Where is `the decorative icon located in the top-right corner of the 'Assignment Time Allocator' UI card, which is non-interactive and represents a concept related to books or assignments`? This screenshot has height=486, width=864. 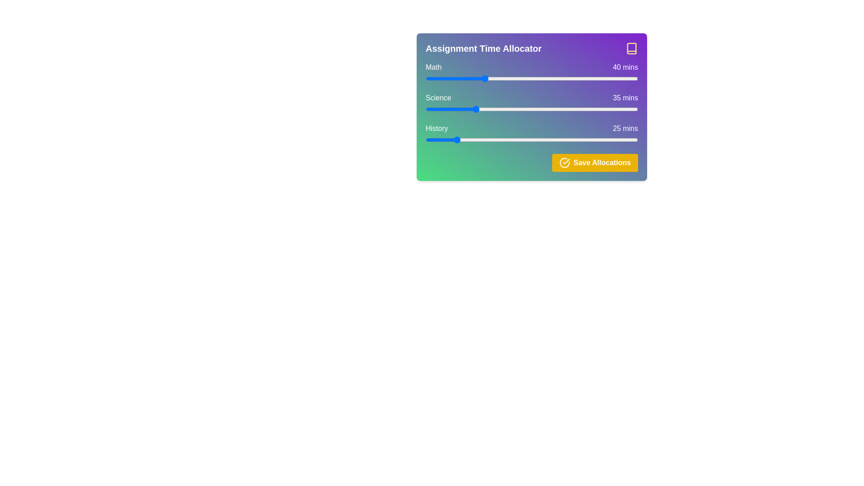 the decorative icon located in the top-right corner of the 'Assignment Time Allocator' UI card, which is non-interactive and represents a concept related to books or assignments is located at coordinates (631, 49).